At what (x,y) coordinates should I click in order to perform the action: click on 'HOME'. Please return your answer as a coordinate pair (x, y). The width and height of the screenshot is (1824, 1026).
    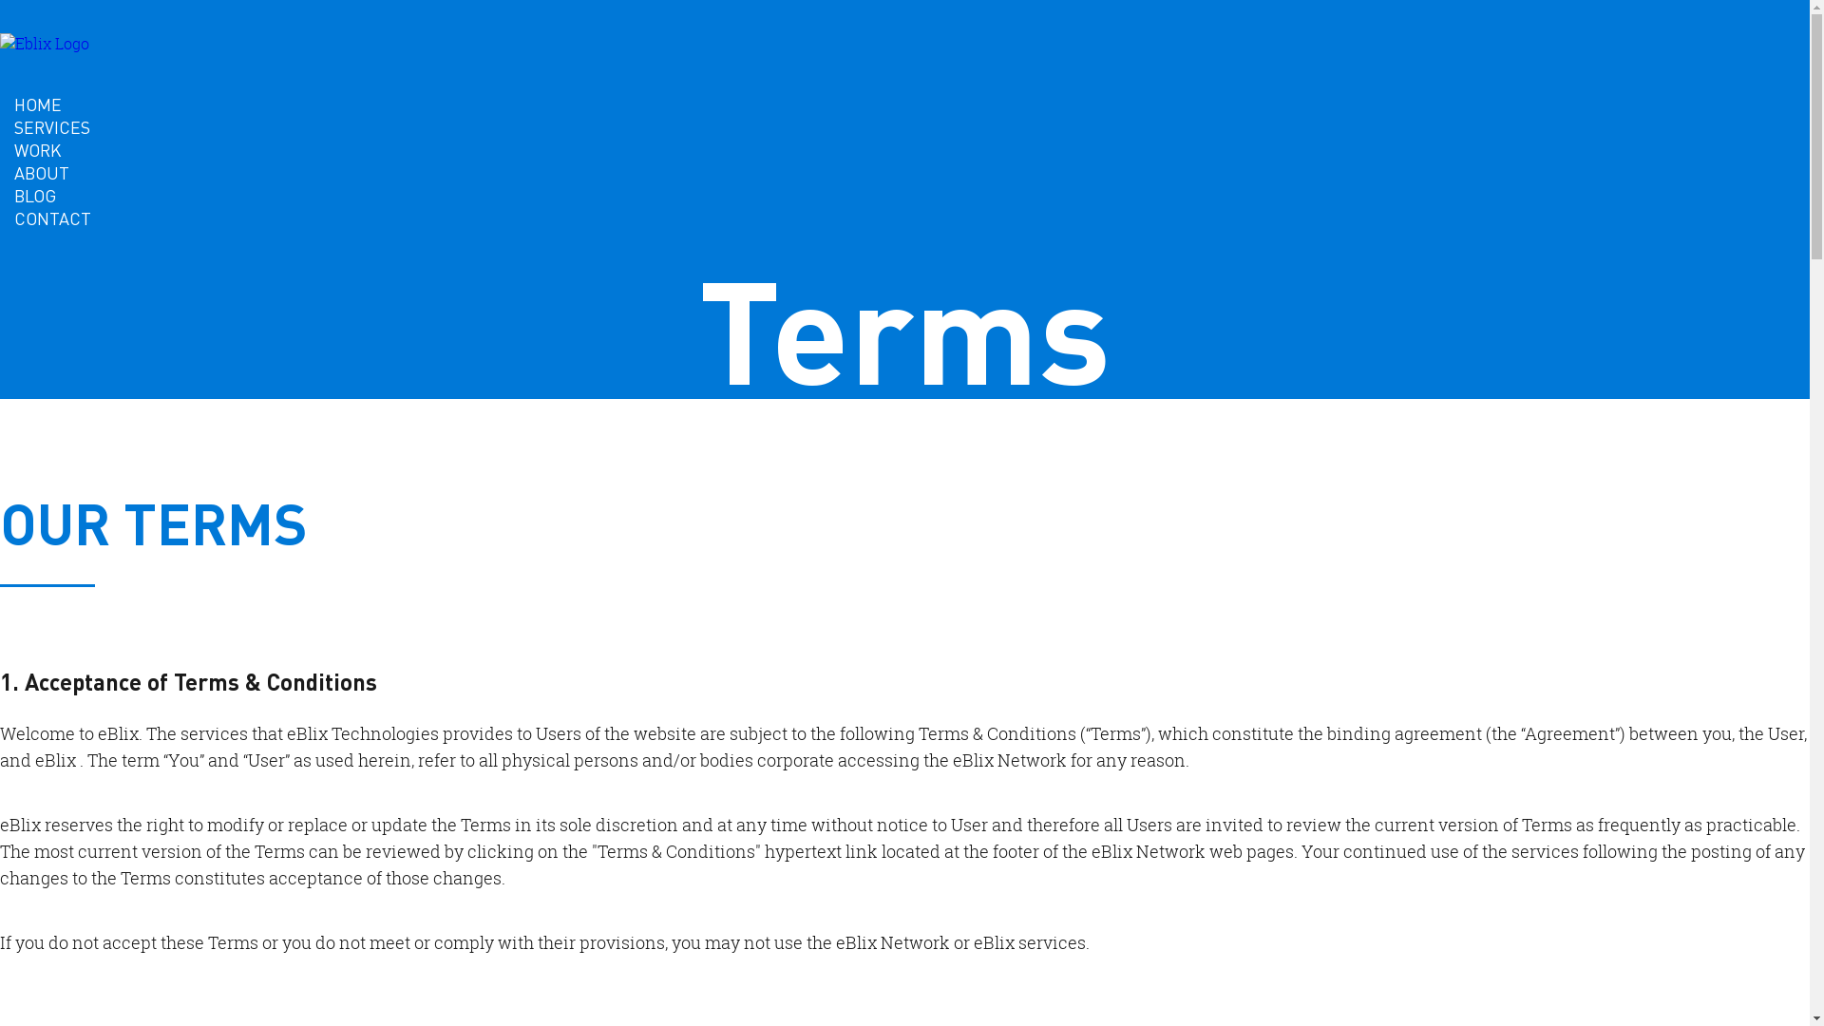
    Looking at the image, I should click on (37, 104).